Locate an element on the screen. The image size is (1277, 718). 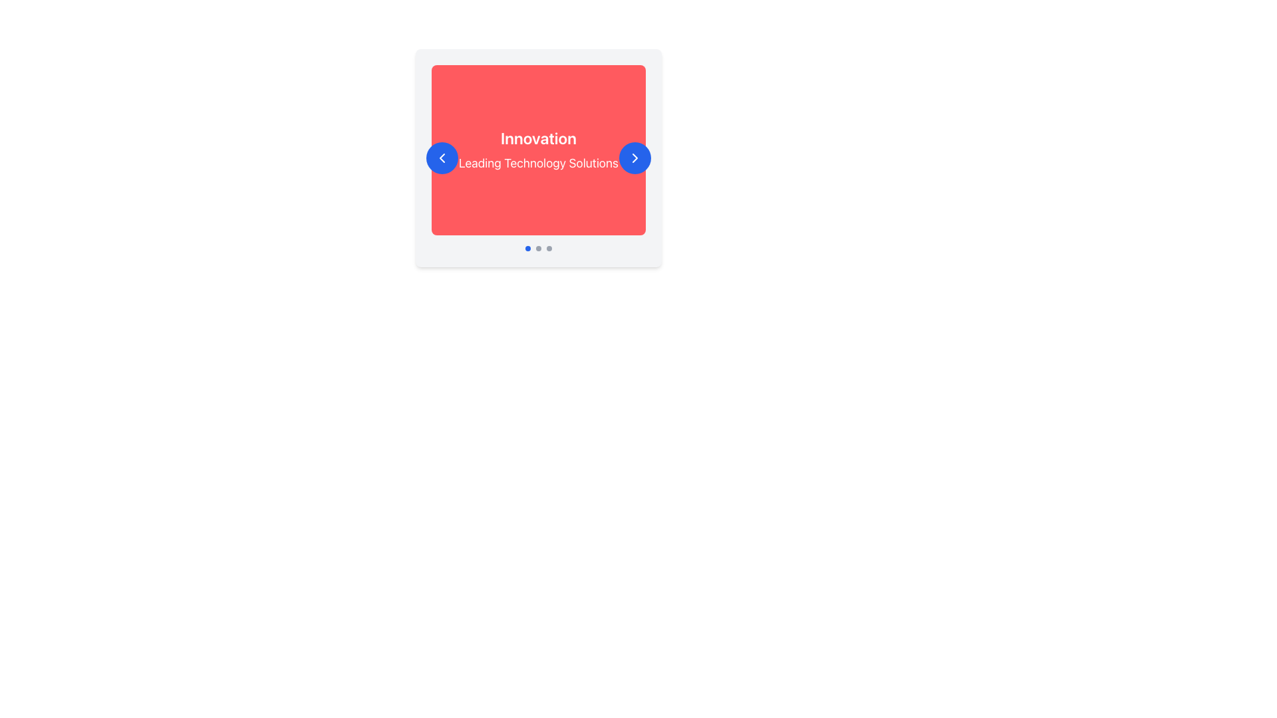
the left-pointing chevron icon within the circular blue button located on the left side of the red rectangular card displaying 'Innovation' and 'Leading Technology Solutions' is located at coordinates (442, 158).